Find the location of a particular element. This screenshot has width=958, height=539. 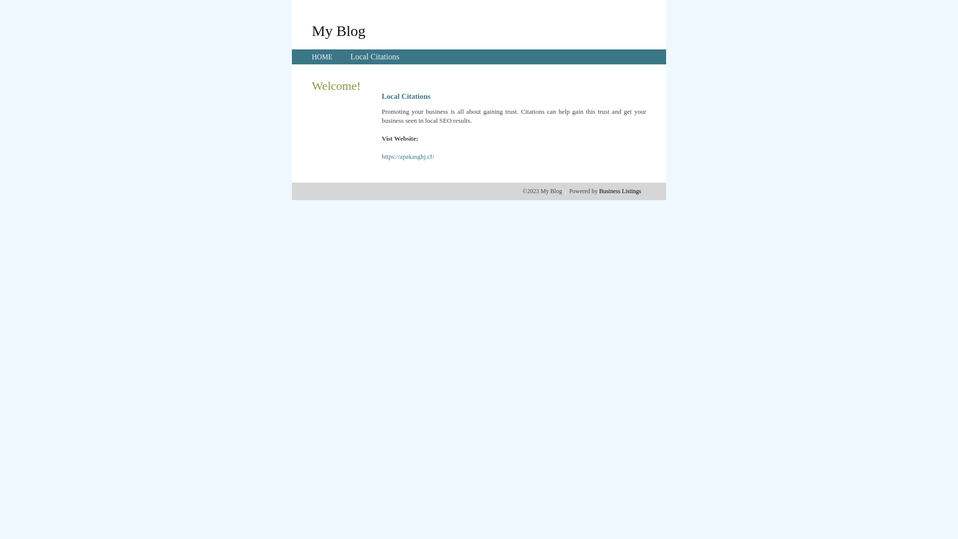

'HOME' is located at coordinates (322, 57).